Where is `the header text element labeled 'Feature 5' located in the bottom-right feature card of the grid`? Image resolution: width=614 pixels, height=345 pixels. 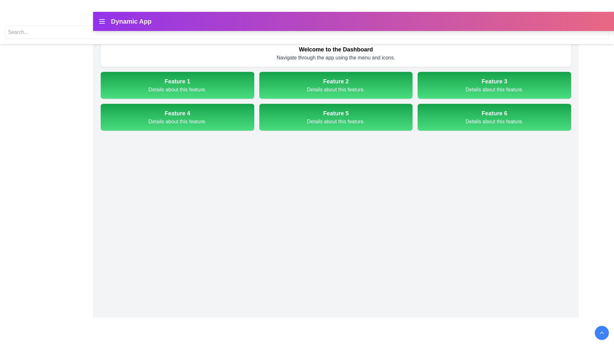
the header text element labeled 'Feature 5' located in the bottom-right feature card of the grid is located at coordinates (335, 113).